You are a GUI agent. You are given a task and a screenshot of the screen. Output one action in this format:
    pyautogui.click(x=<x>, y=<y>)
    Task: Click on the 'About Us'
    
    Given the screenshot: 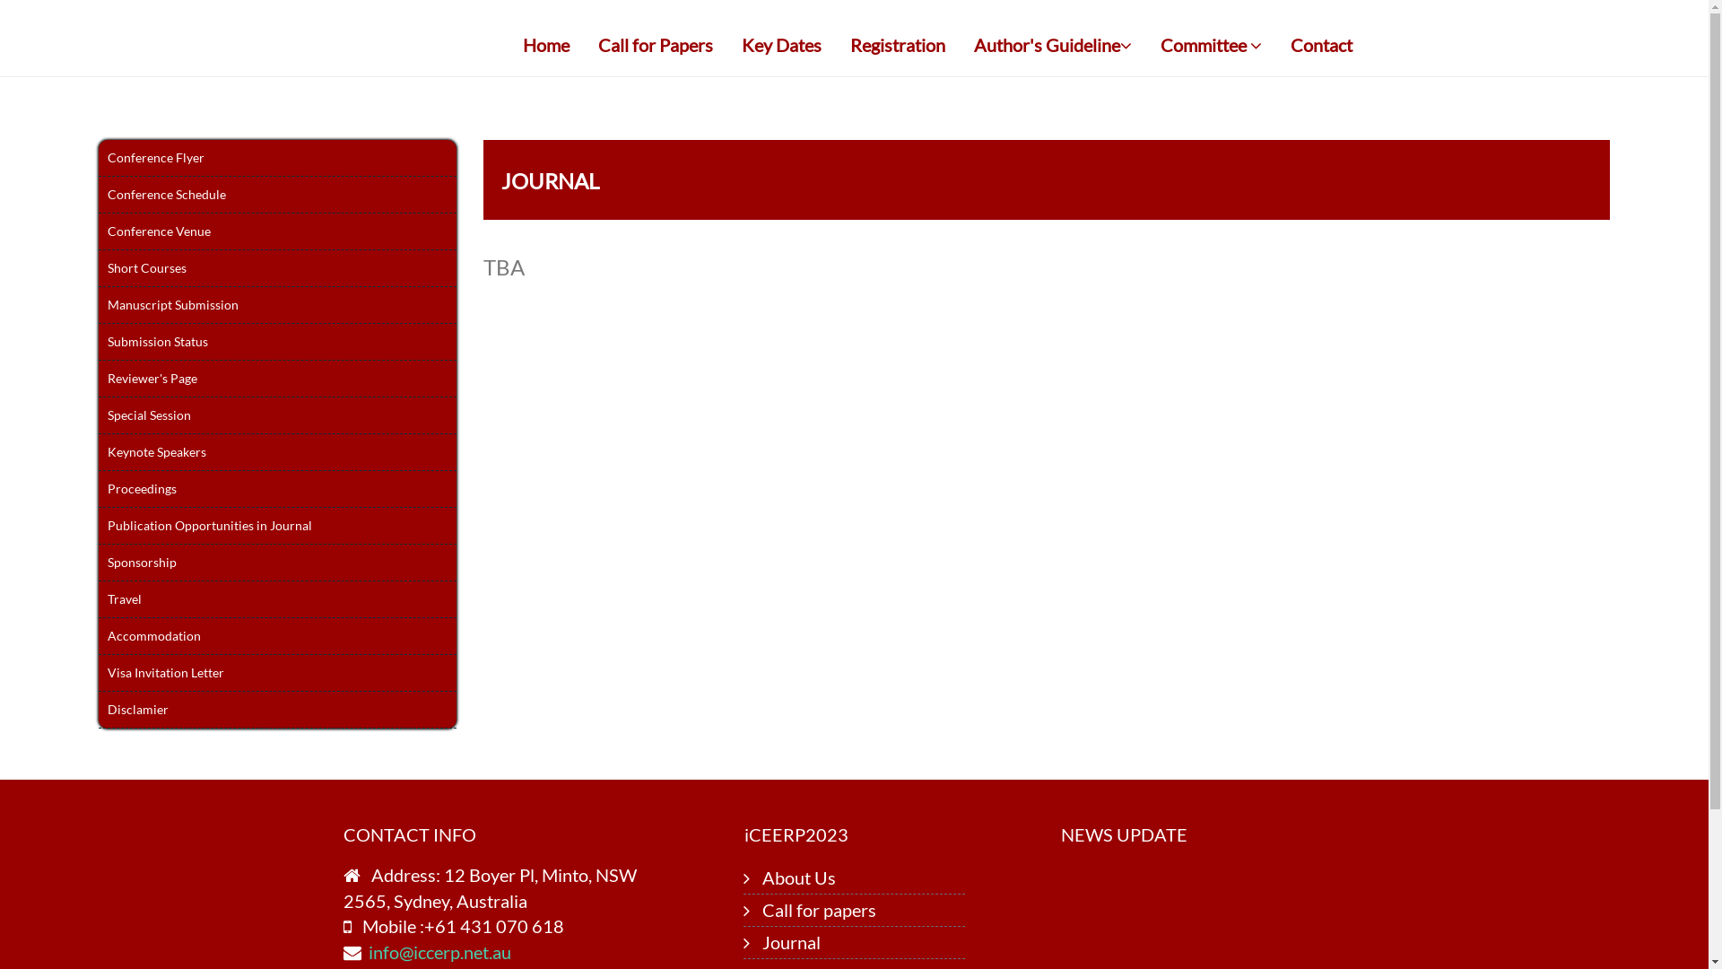 What is the action you would take?
    pyautogui.click(x=761, y=877)
    